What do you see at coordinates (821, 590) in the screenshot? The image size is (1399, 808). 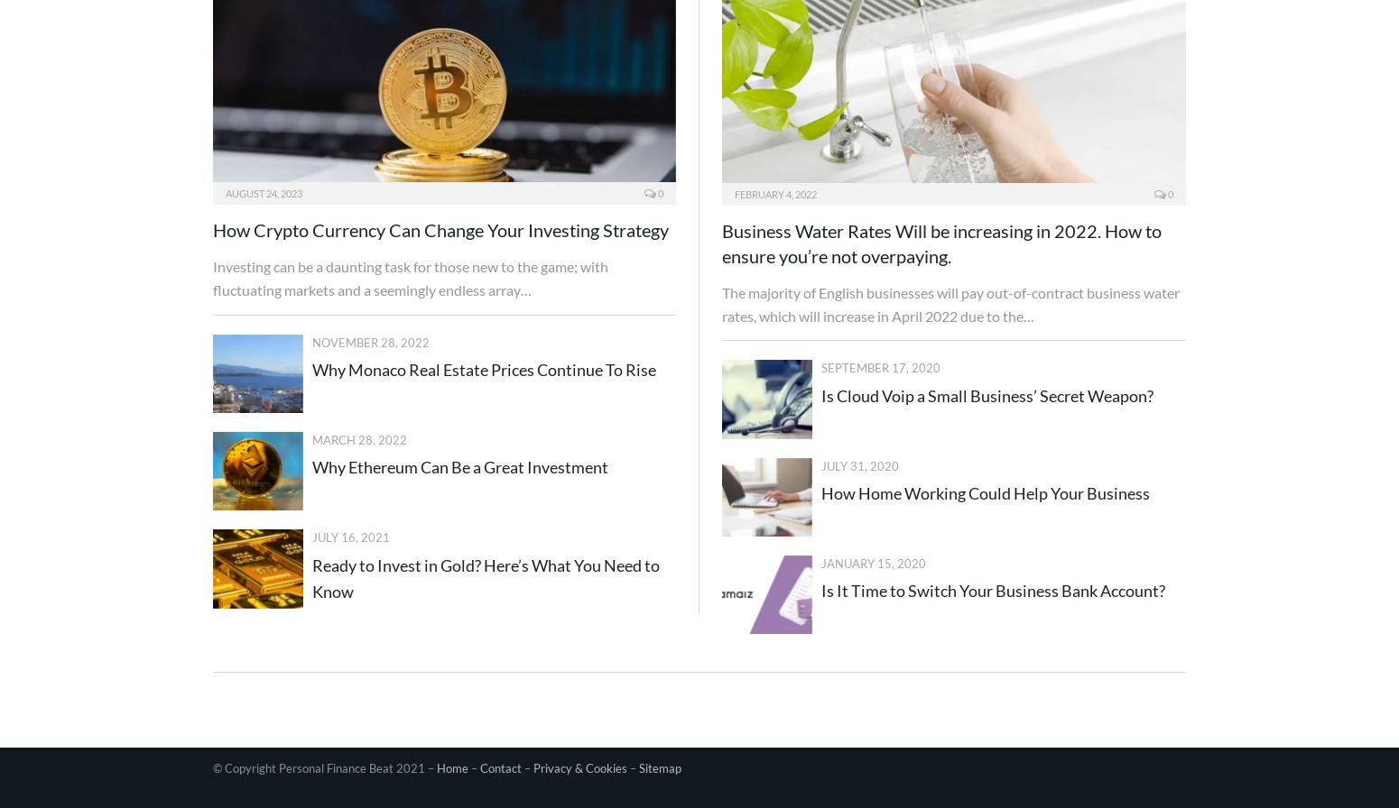 I see `'Is It Time to Switch Your Business Bank Account?'` at bounding box center [821, 590].